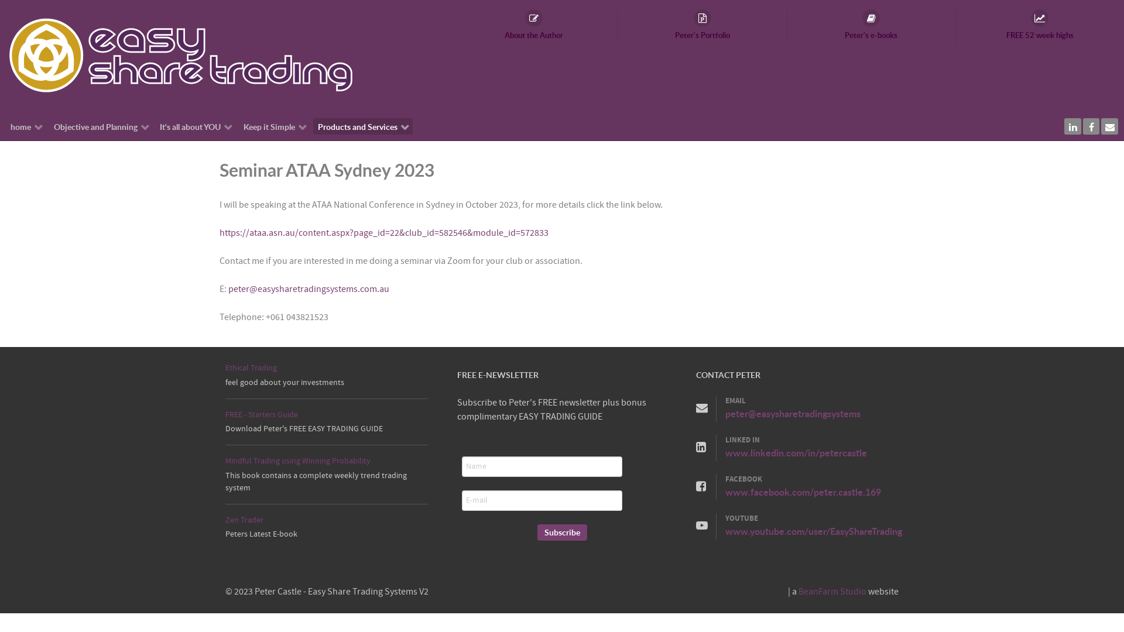 This screenshot has width=1124, height=632. Describe the element at coordinates (724, 452) in the screenshot. I see `'www.linkedin.com/in/petercastle'` at that location.